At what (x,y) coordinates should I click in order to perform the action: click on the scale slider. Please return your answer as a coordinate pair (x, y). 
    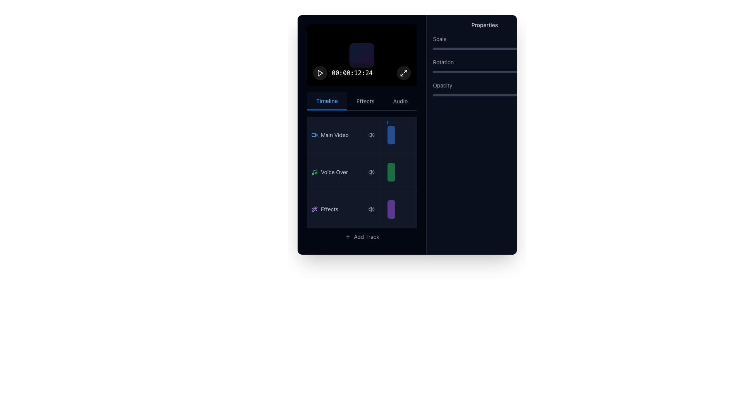
    Looking at the image, I should click on (497, 49).